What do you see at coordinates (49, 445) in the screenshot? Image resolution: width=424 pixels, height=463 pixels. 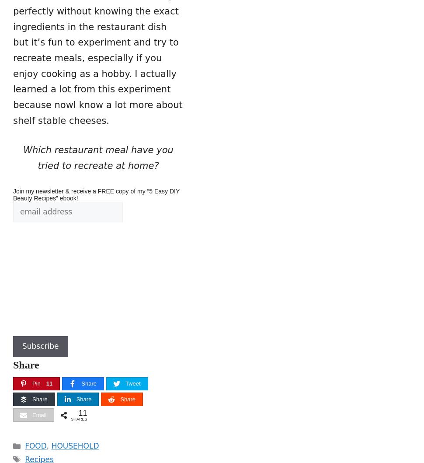 I see `','` at bounding box center [49, 445].